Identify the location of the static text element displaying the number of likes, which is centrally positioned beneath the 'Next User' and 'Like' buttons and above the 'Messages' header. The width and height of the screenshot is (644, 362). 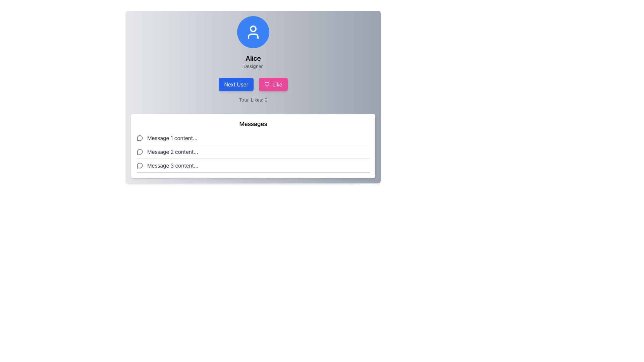
(253, 100).